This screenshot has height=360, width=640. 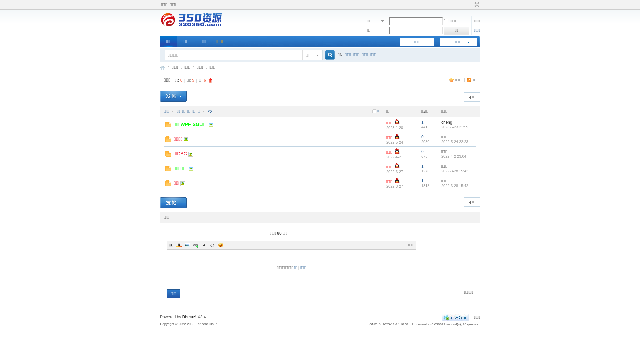 I want to click on '1', so click(x=421, y=166).